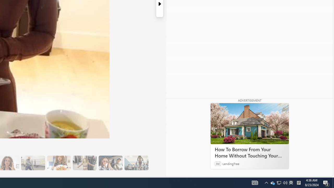 This screenshot has width=334, height=188. I want to click on 'Ad', so click(218, 163).